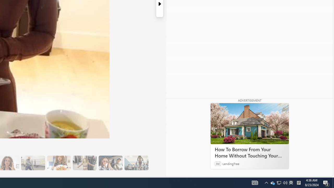 This screenshot has width=334, height=188. I want to click on 'Ad', so click(218, 163).